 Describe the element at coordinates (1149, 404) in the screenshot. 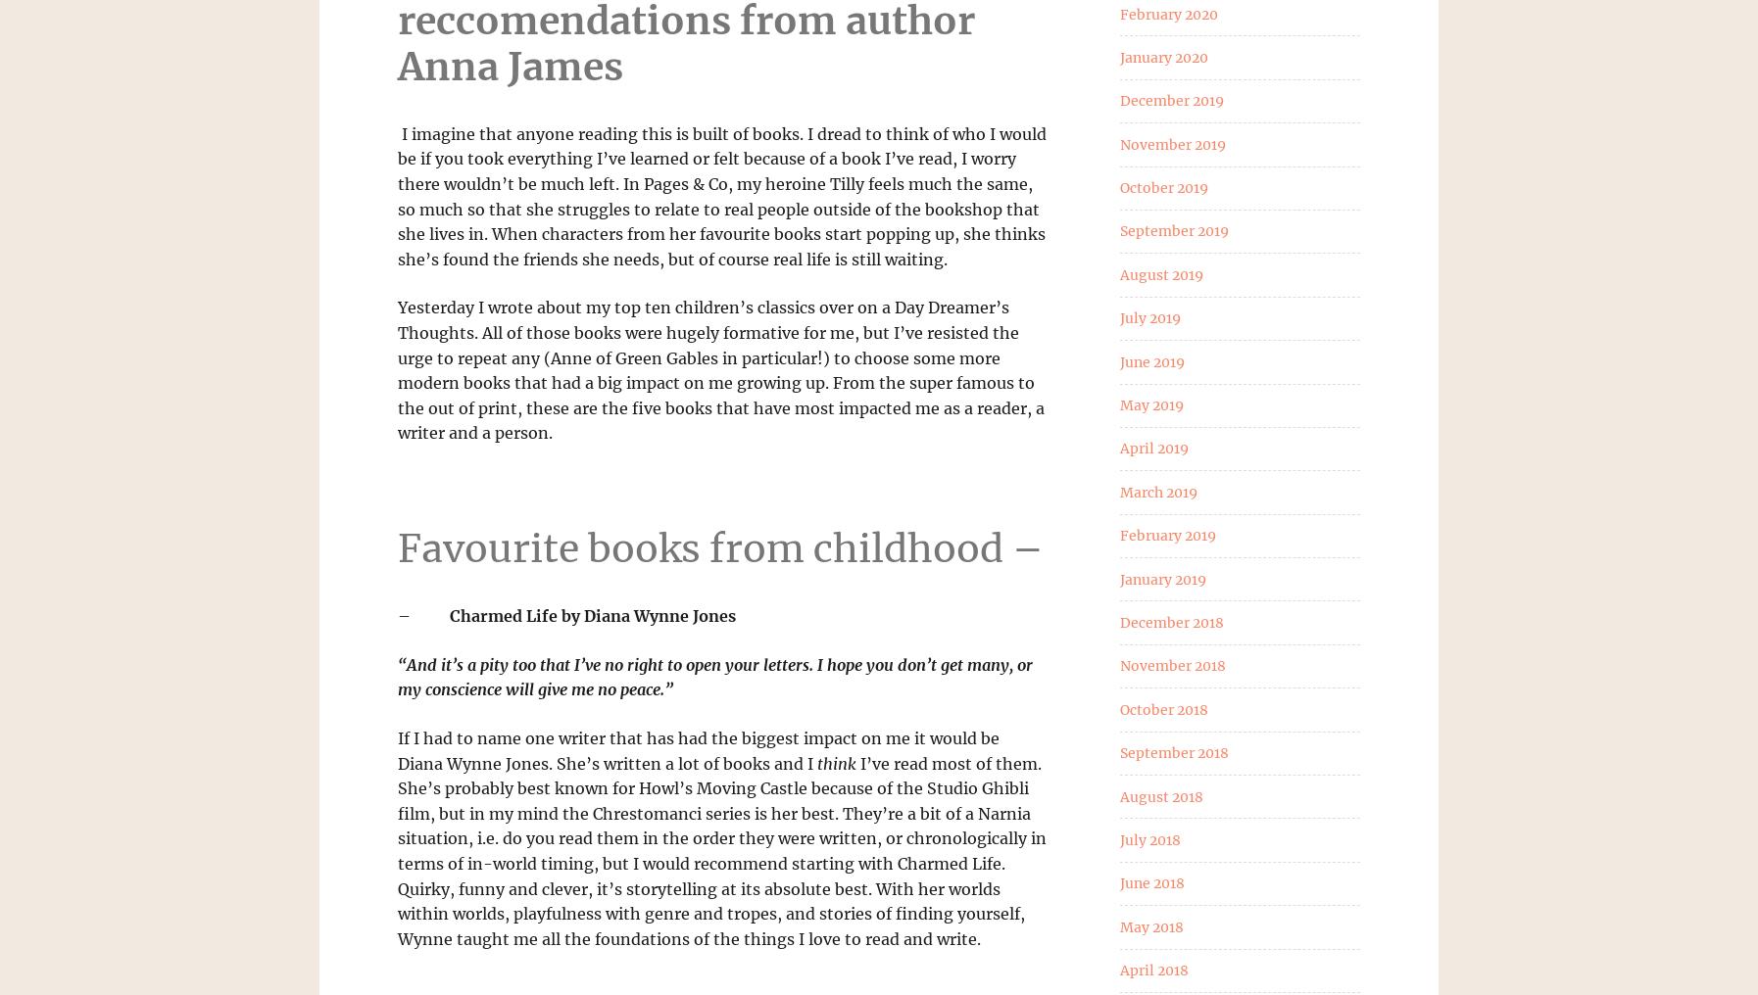

I see `'May 2019'` at that location.